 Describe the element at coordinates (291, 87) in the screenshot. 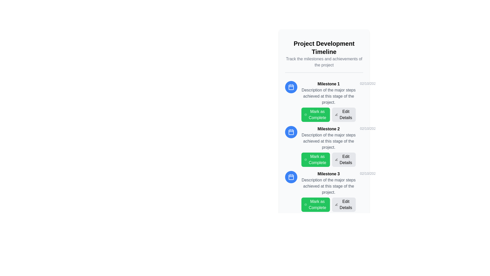

I see `the calendar icon, which is a rounded square shape with a small calendar glyph inside, located within a blue circular background and positioned to the left of 'Milestone 1' text` at that location.